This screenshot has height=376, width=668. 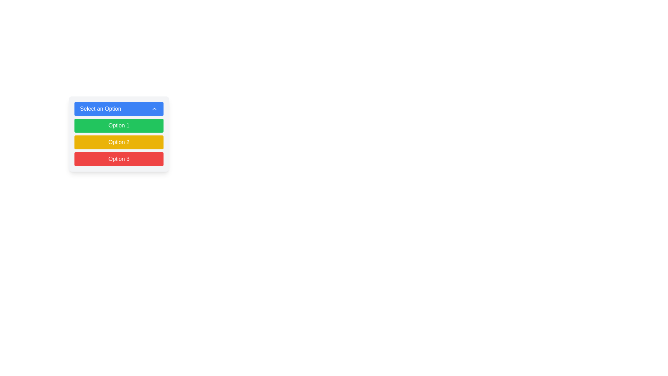 What do you see at coordinates (119, 126) in the screenshot?
I see `the top-most button labeled 'Option 1', which is located below the 'Select an Option' dropdown` at bounding box center [119, 126].